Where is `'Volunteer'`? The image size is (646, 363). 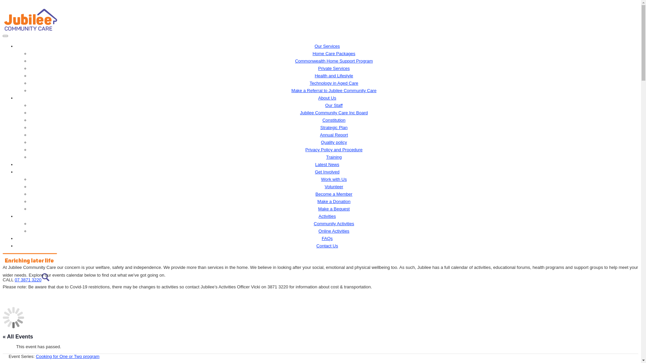
'Volunteer' is located at coordinates (322, 187).